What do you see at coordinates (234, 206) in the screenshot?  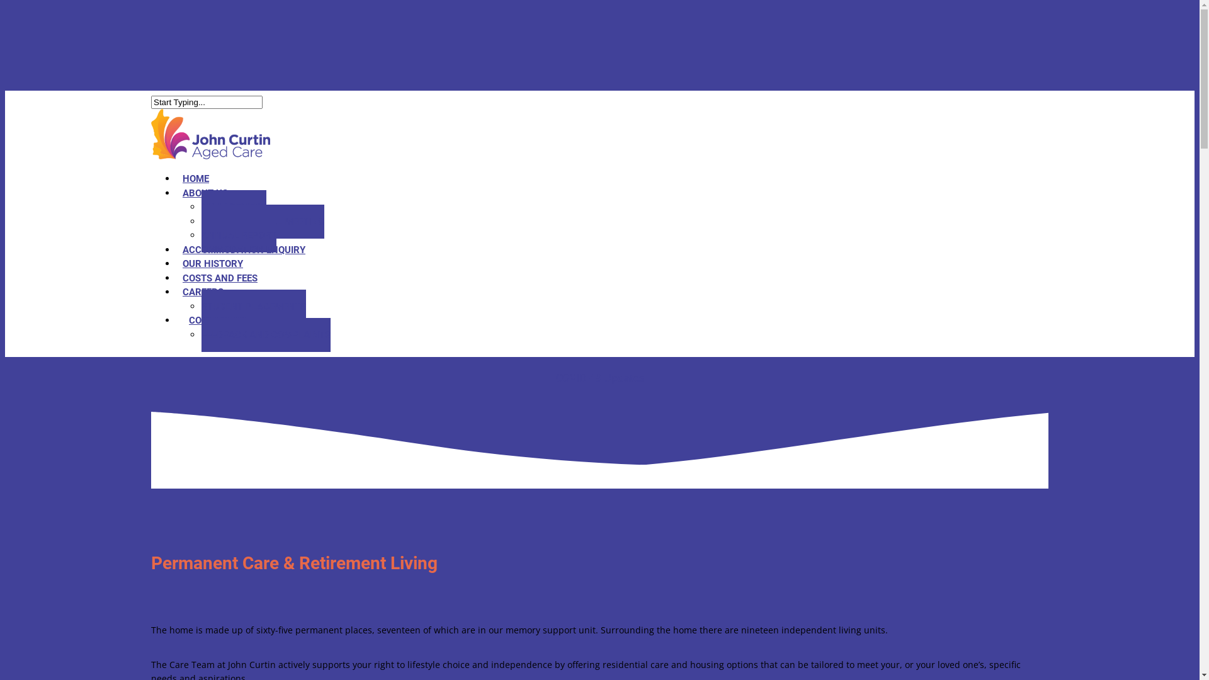 I see `'MANAGEMENT'` at bounding box center [234, 206].